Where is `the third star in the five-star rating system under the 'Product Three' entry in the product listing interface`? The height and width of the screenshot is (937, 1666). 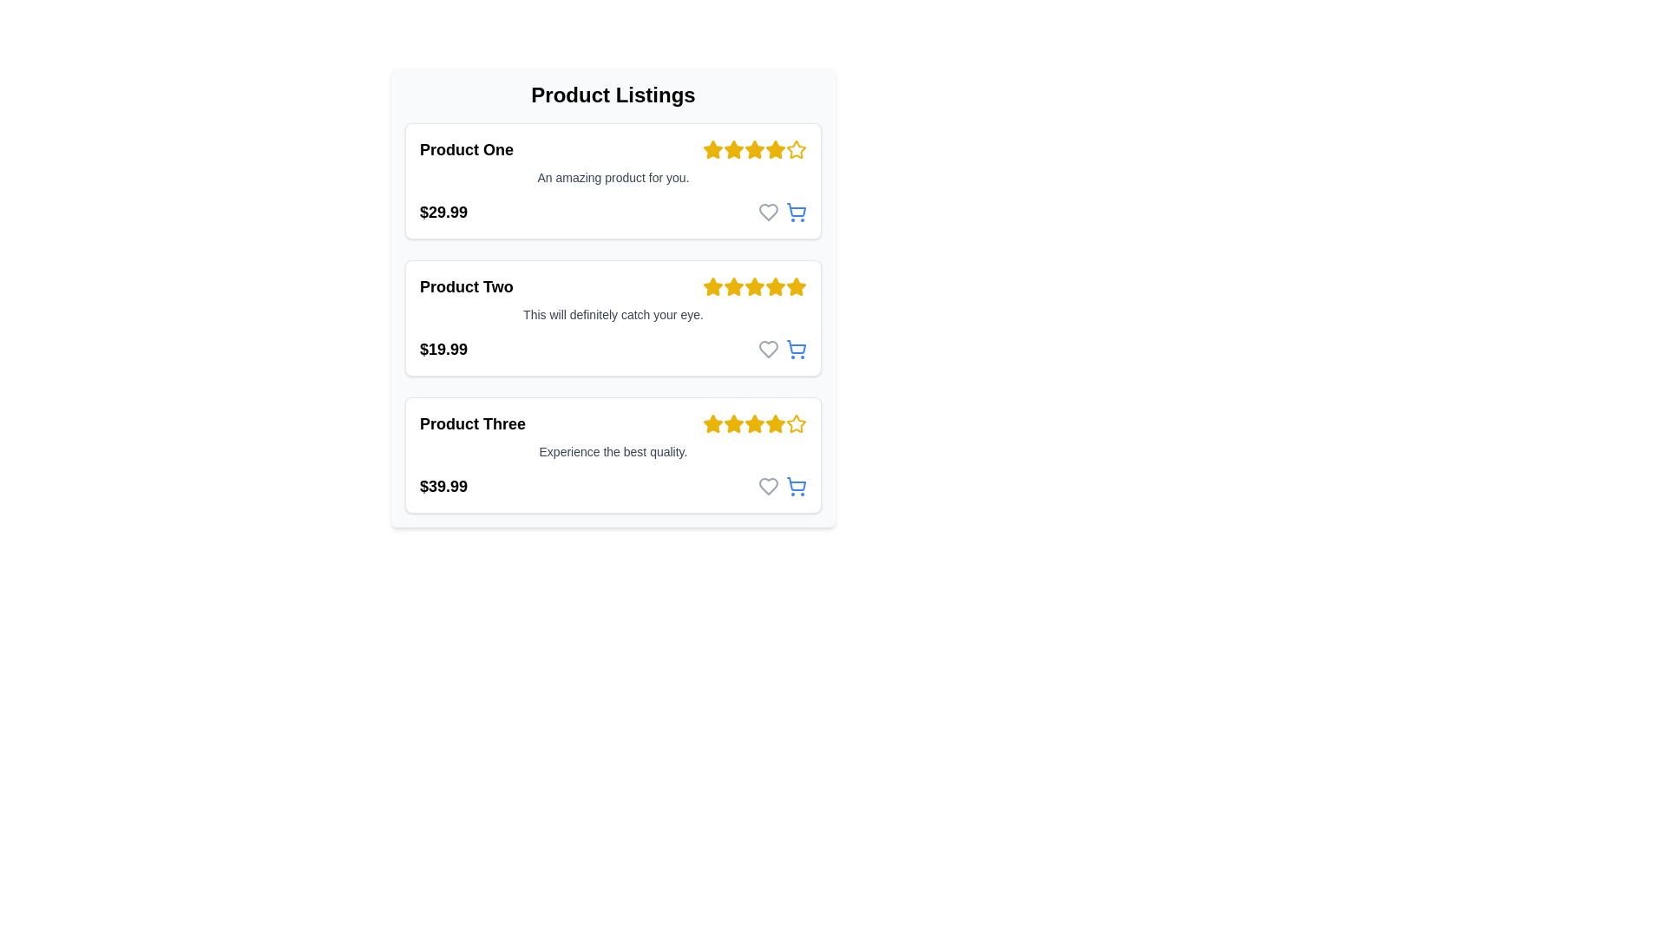
the third star in the five-star rating system under the 'Product Three' entry in the product listing interface is located at coordinates (733, 423).